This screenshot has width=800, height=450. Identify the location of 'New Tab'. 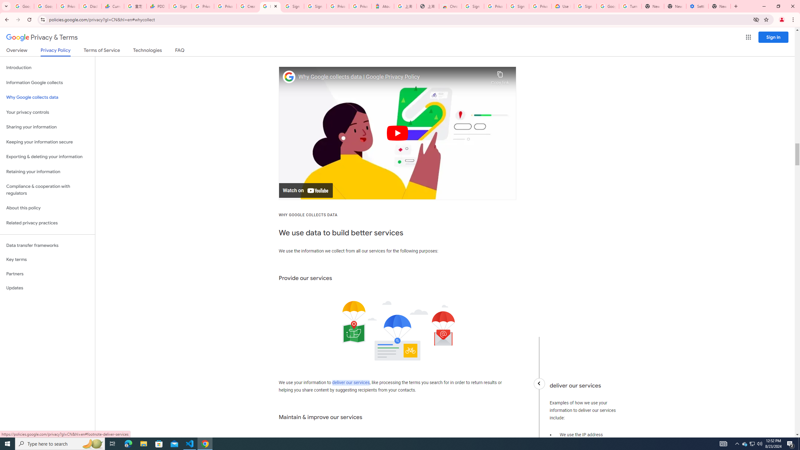
(719, 6).